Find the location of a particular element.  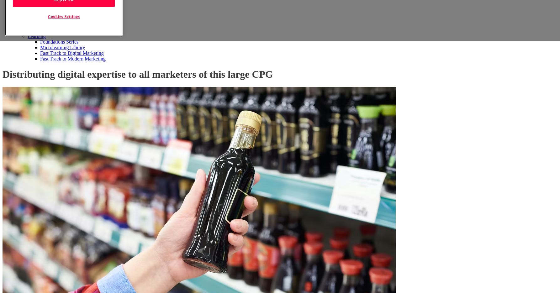

'Customer Experience' is located at coordinates (61, 8).